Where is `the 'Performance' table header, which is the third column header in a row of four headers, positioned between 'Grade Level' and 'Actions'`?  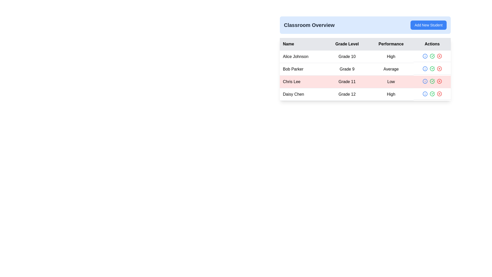
the 'Performance' table header, which is the third column header in a row of four headers, positioned between 'Grade Level' and 'Actions' is located at coordinates (391, 44).